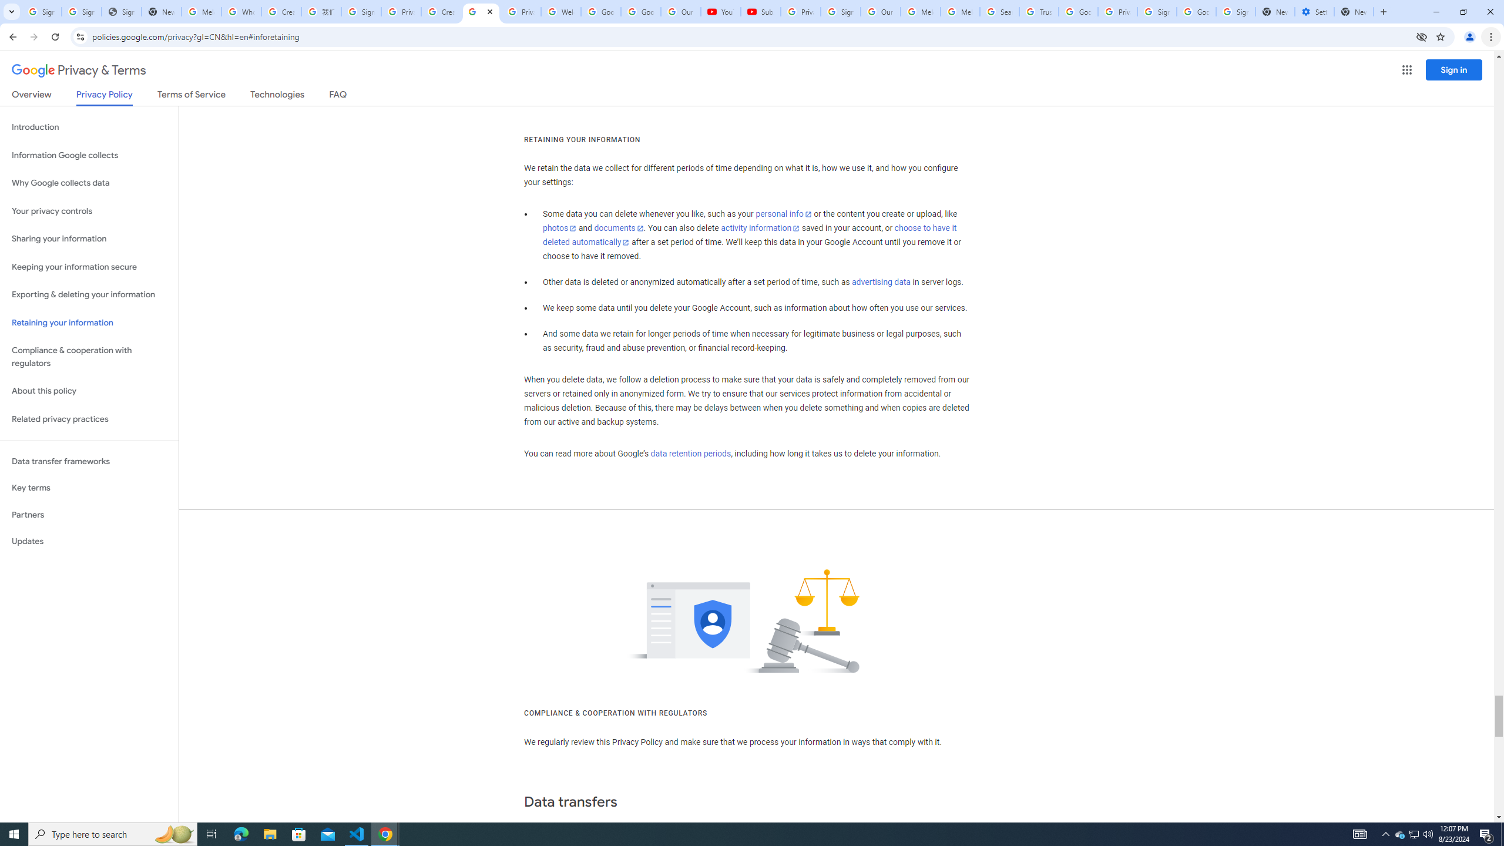 This screenshot has width=1504, height=846. Describe the element at coordinates (31, 96) in the screenshot. I see `'Overview'` at that location.